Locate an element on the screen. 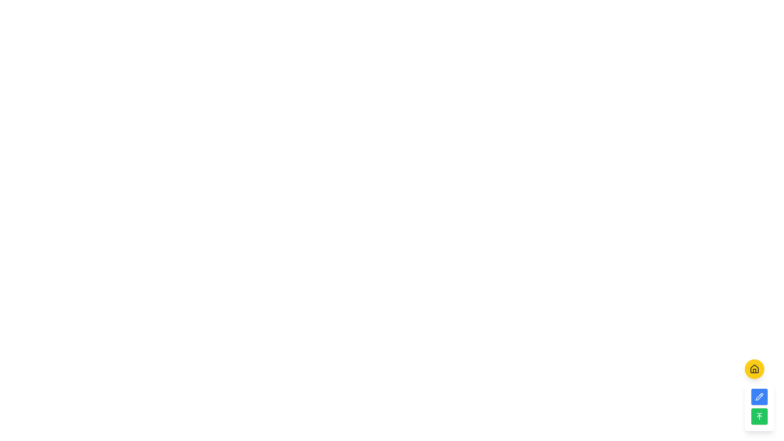 This screenshot has width=784, height=441. the pencil icon within the blue circular button is located at coordinates (759, 396).